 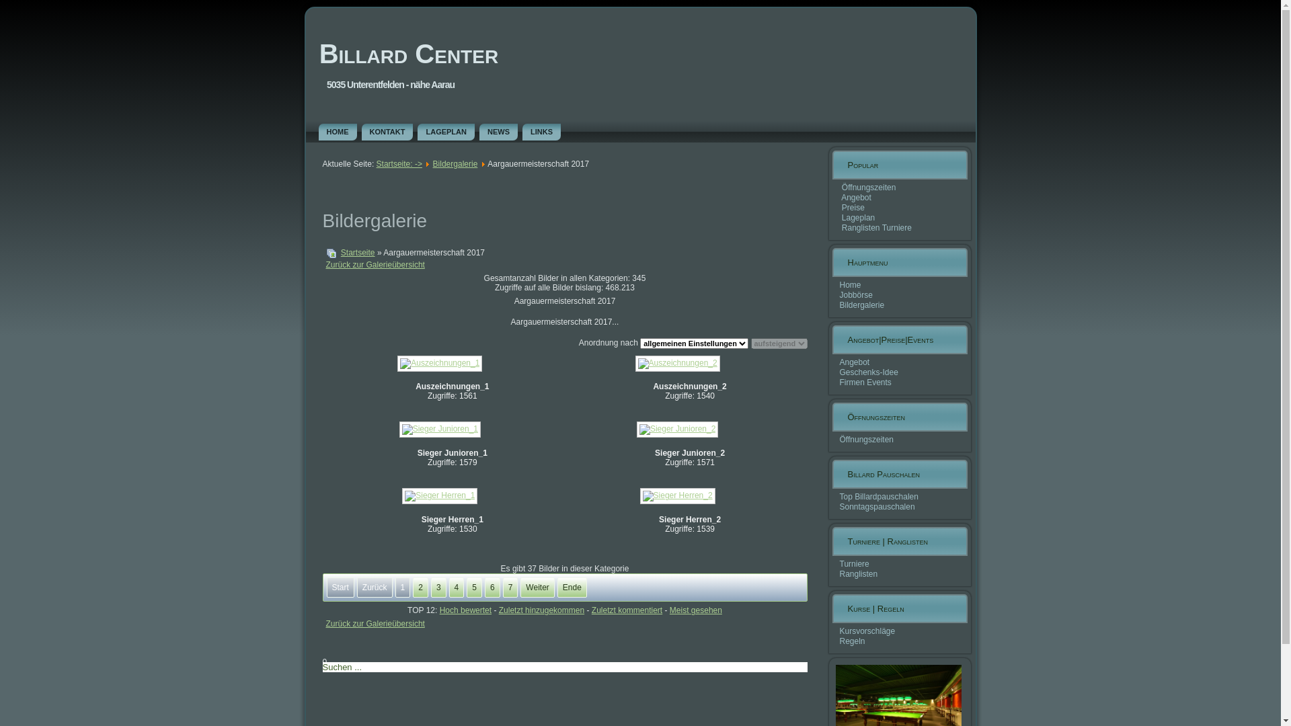 What do you see at coordinates (853, 564) in the screenshot?
I see `'Turniere'` at bounding box center [853, 564].